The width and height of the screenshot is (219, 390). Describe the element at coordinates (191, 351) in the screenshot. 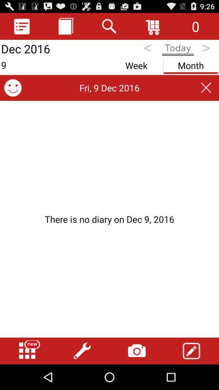

I see `entry` at that location.